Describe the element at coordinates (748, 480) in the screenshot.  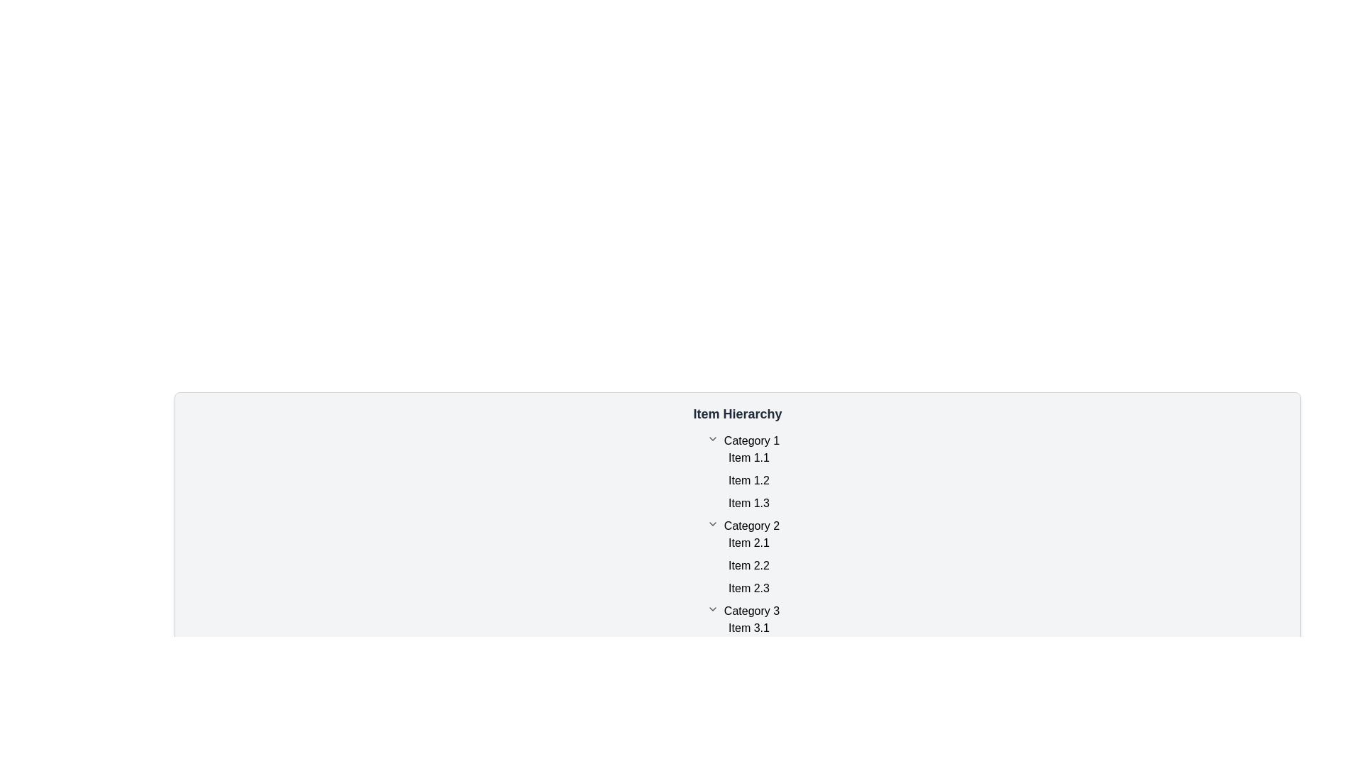
I see `the static text label that identifies the second entry under 'Category 1', which is positioned between 'Item 1.1' and 'Item 1.3'` at that location.